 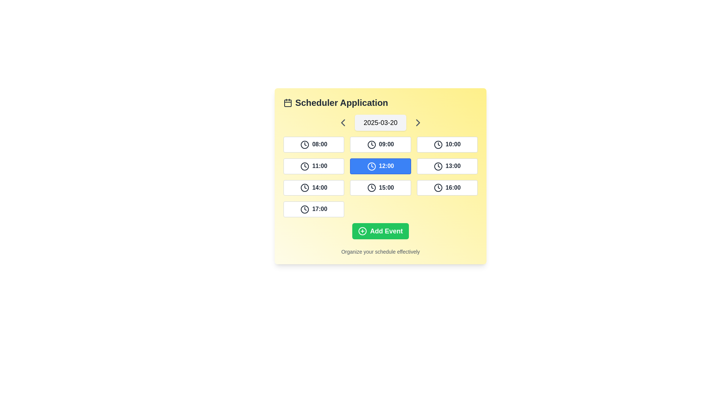 I want to click on the left-facing chevron button located to the left of the date display '2025-03-20' in the navigation interface, so click(x=342, y=122).